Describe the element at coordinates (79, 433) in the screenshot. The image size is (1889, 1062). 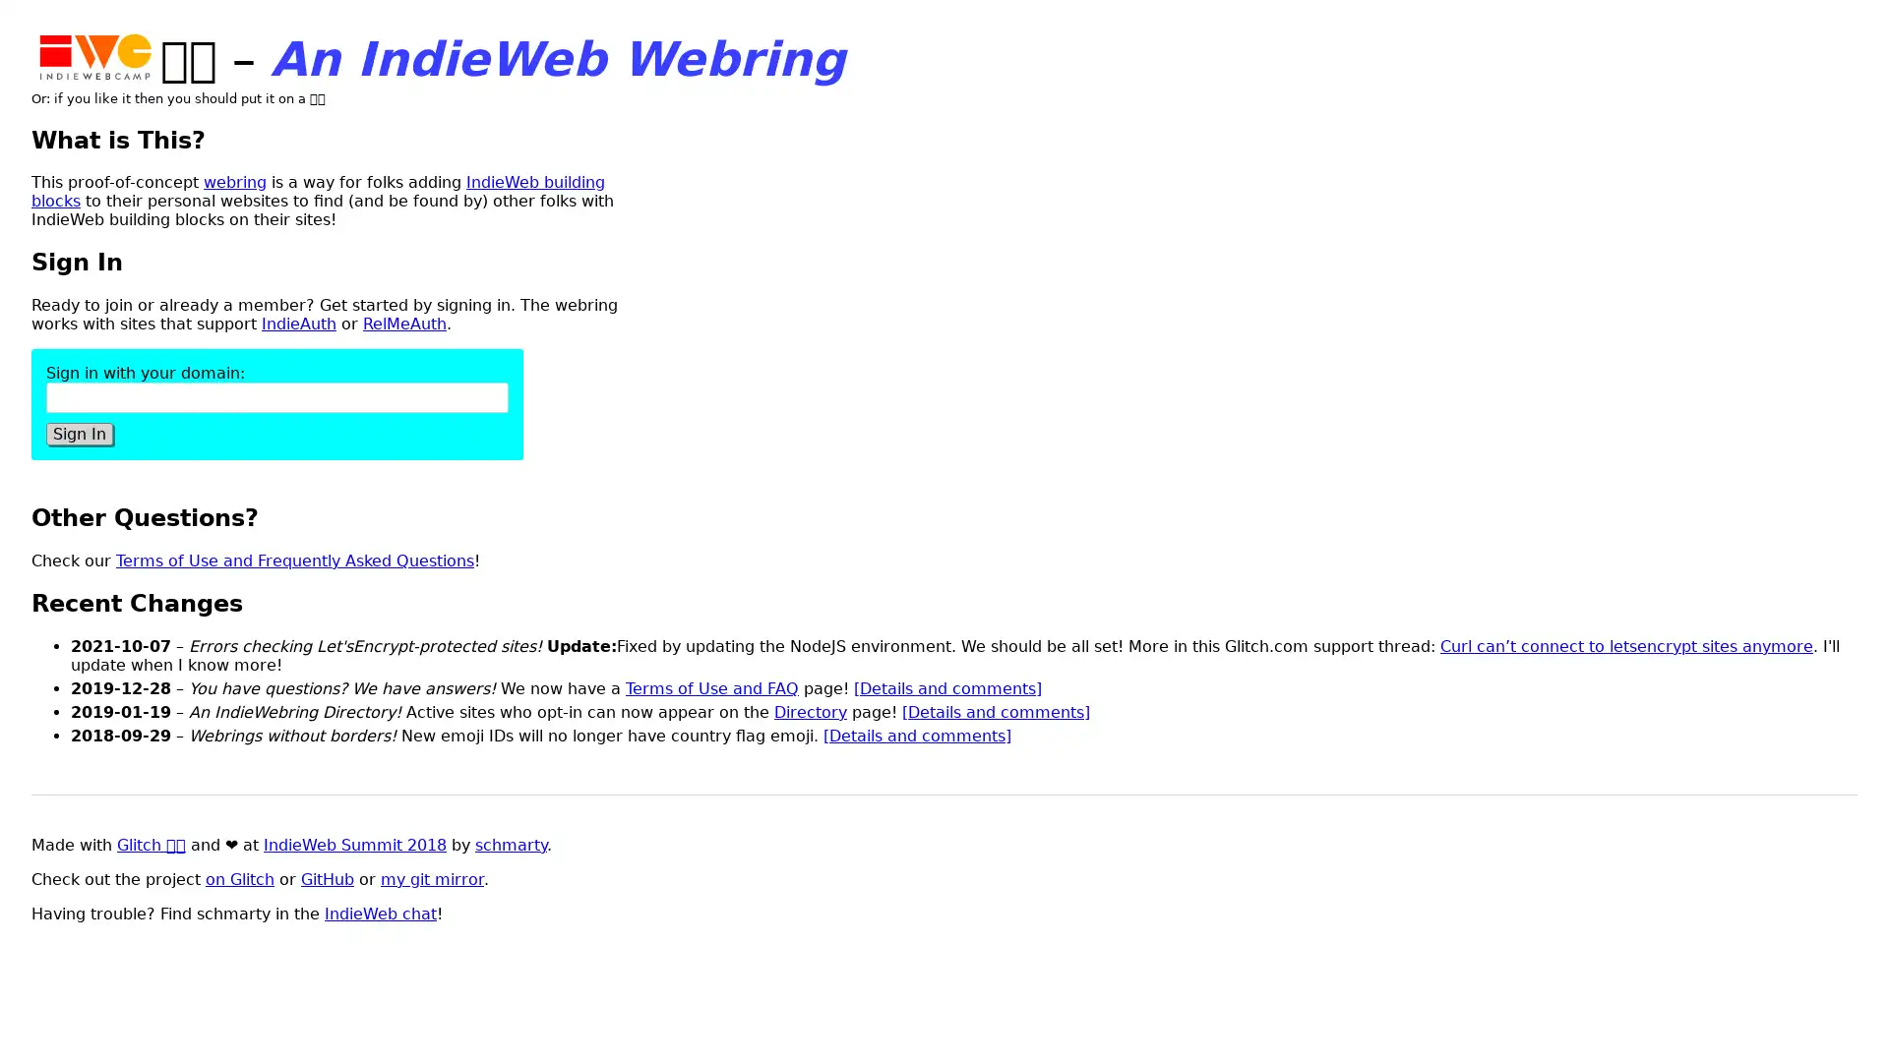
I see `Sign In` at that location.